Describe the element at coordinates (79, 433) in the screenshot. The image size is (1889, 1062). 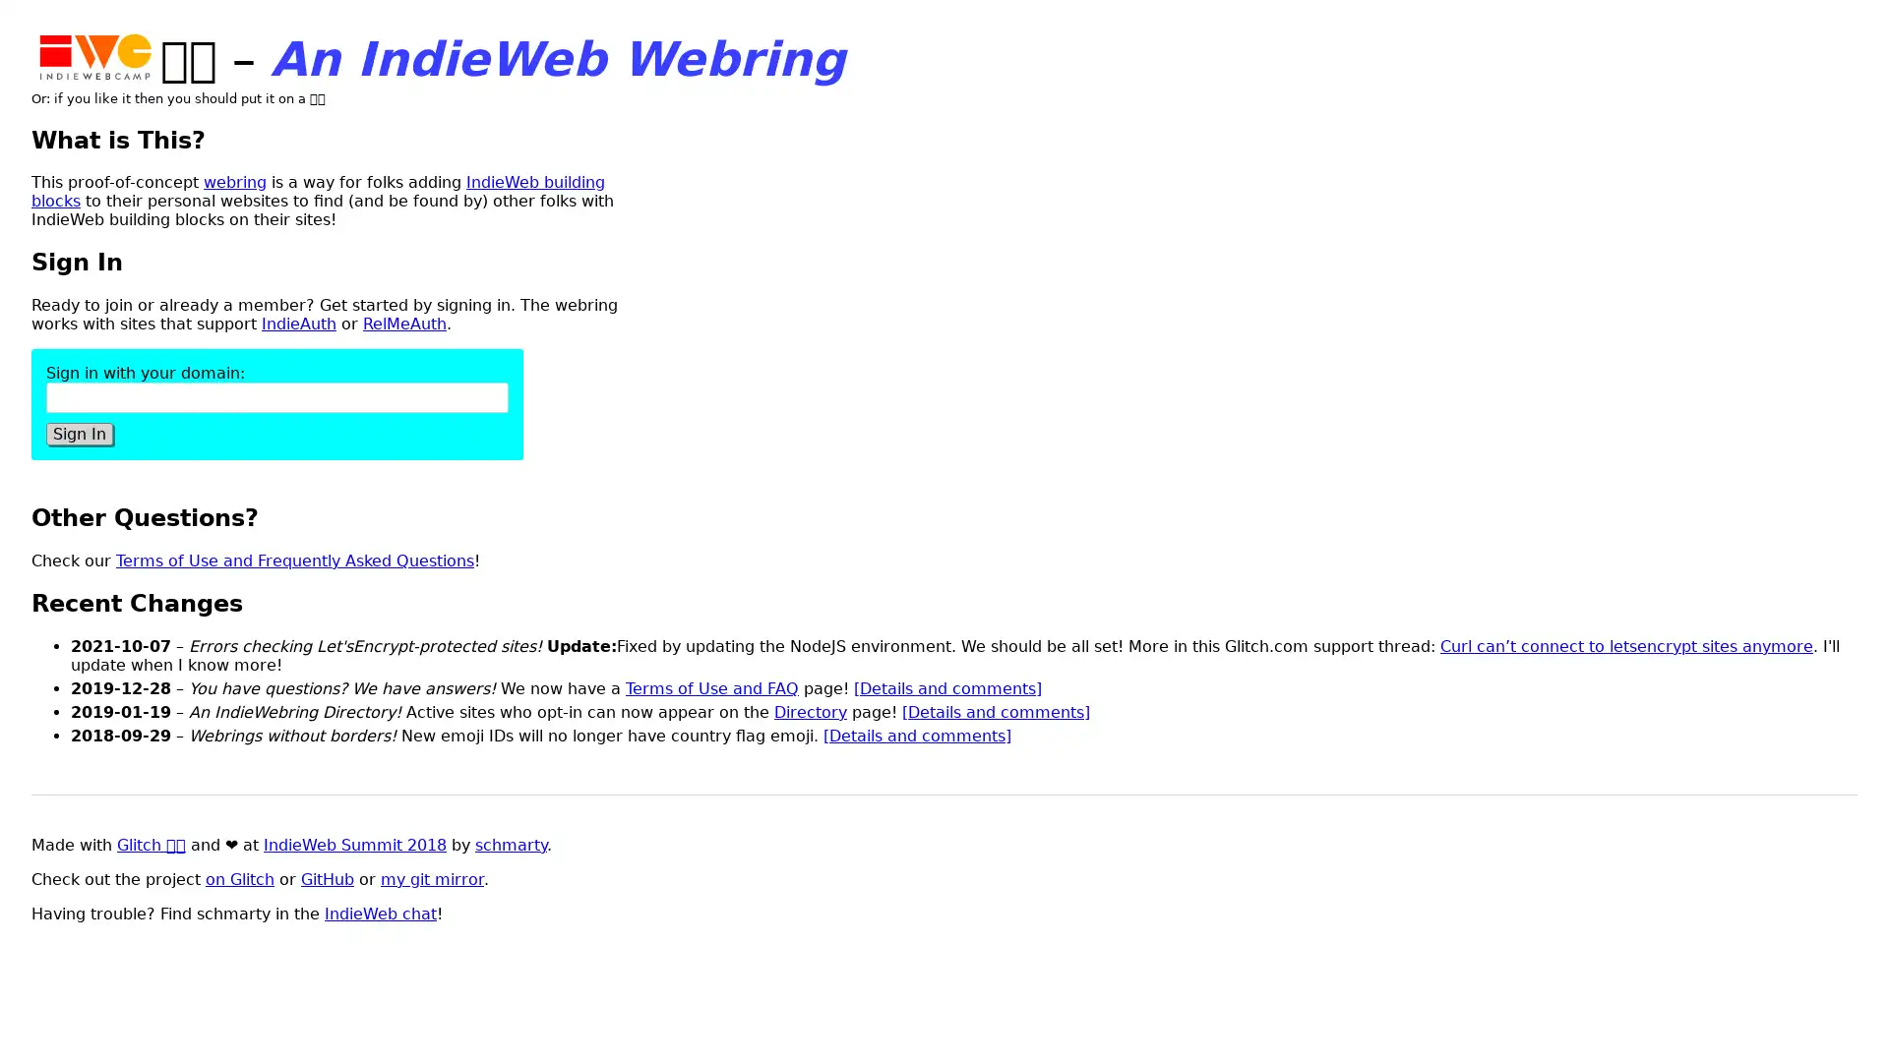
I see `Sign In` at that location.